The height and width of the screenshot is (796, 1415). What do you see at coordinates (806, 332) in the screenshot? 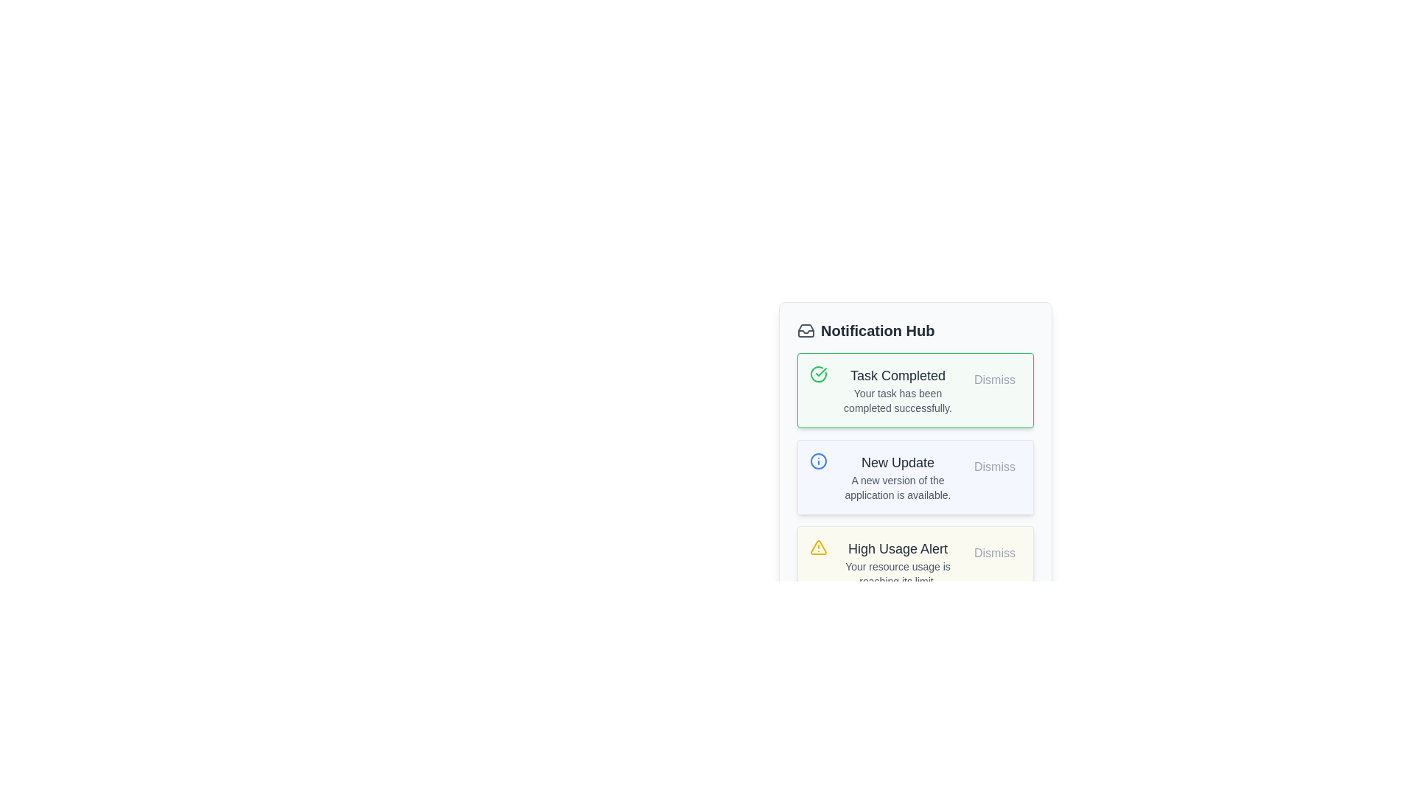
I see `the inbox icon located at the center of the Notification Hub header in the notification panel` at bounding box center [806, 332].